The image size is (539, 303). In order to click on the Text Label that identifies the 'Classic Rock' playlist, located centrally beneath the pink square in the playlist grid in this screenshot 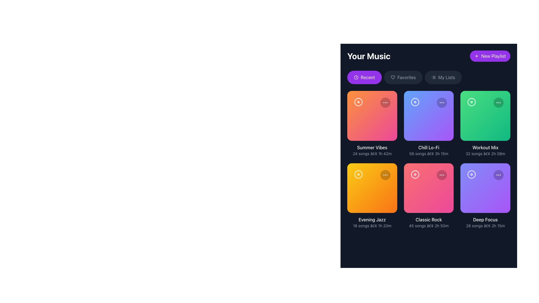, I will do `click(428, 219)`.